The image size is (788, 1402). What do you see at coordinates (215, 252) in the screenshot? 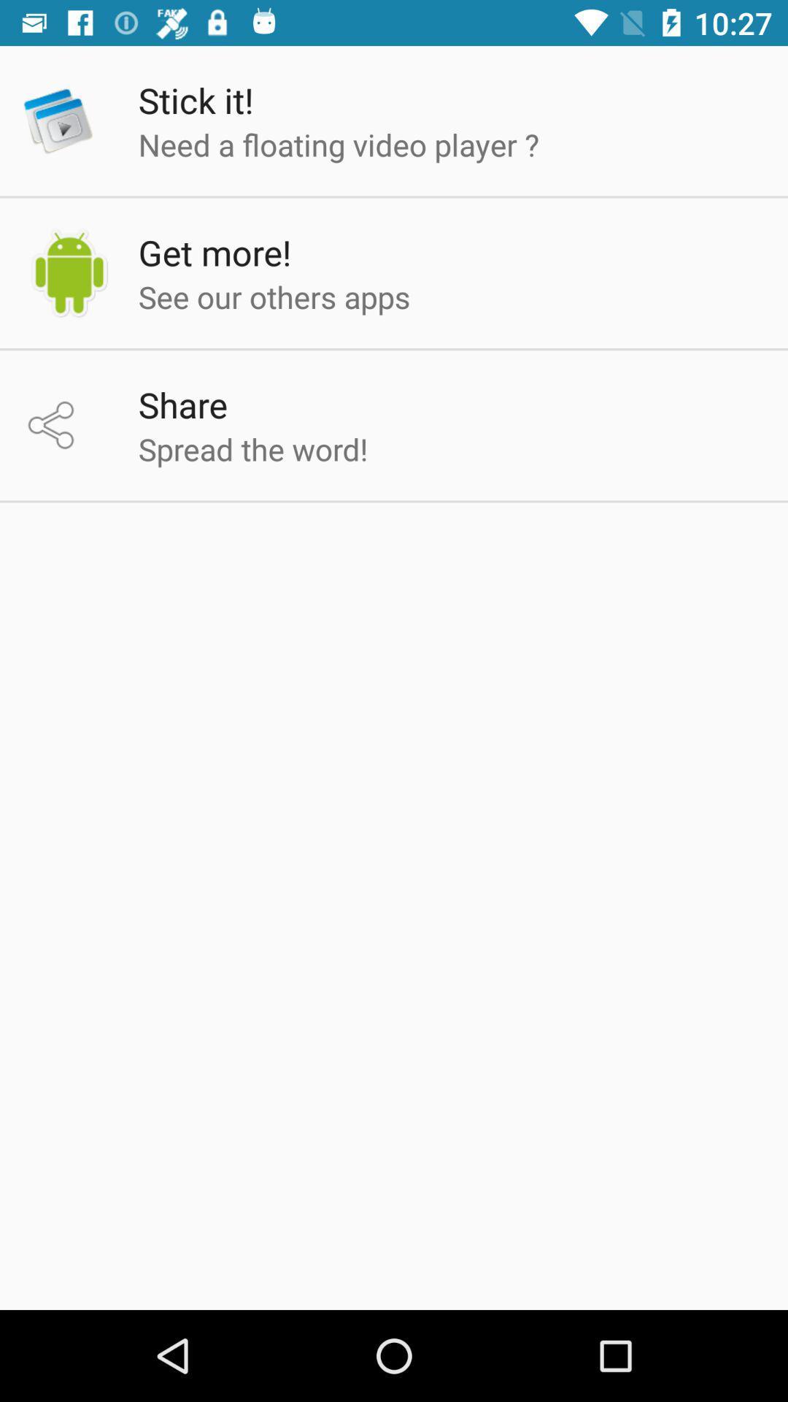
I see `get more! app` at bounding box center [215, 252].